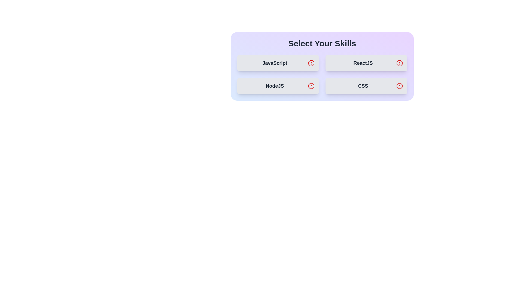 The height and width of the screenshot is (294, 523). What do you see at coordinates (278, 63) in the screenshot?
I see `the skill item JavaScript` at bounding box center [278, 63].